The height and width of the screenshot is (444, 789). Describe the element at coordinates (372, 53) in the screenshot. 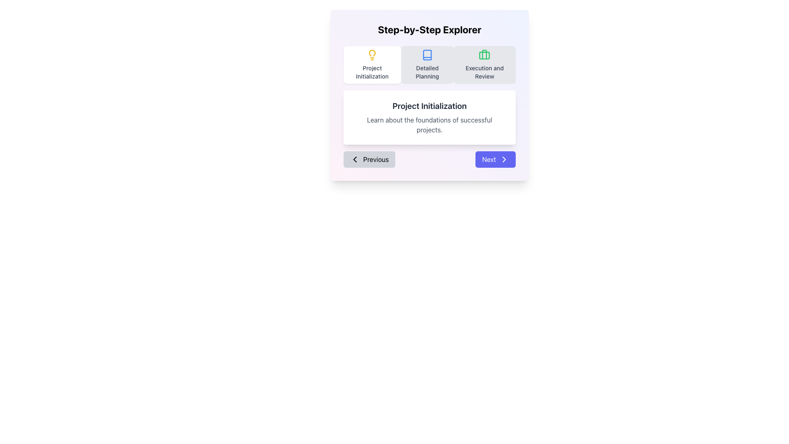

I see `the topmost segment of the lightbulb icon with a yellow outline in the 'Project Initialization' tab of the navigation interface` at that location.